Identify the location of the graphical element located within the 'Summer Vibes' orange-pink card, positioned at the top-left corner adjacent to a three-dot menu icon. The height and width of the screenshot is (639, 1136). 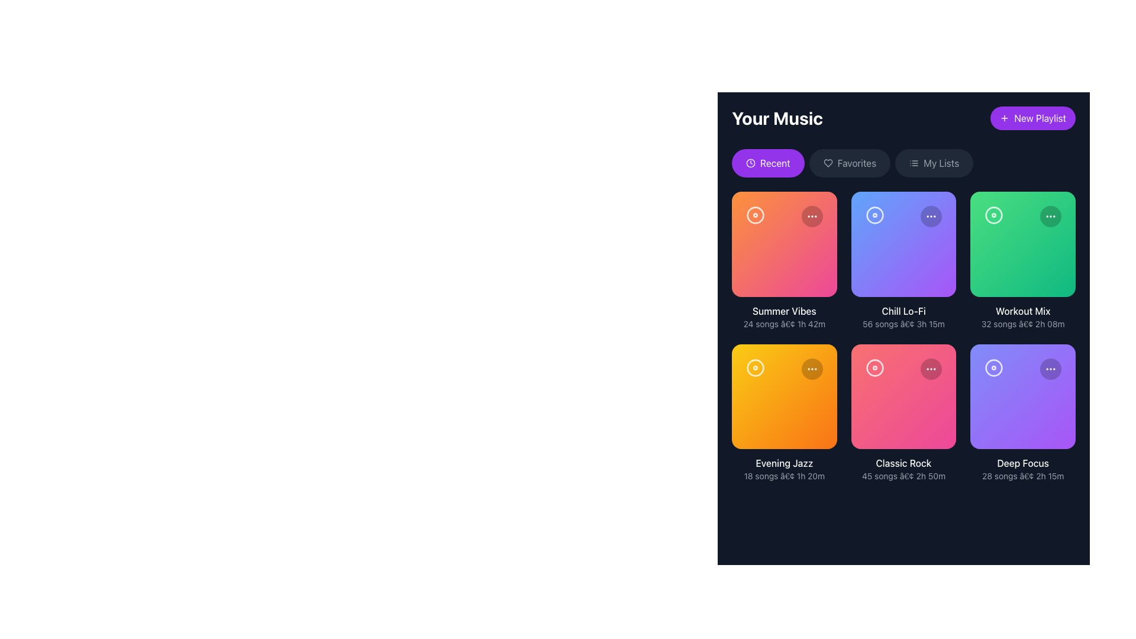
(754, 215).